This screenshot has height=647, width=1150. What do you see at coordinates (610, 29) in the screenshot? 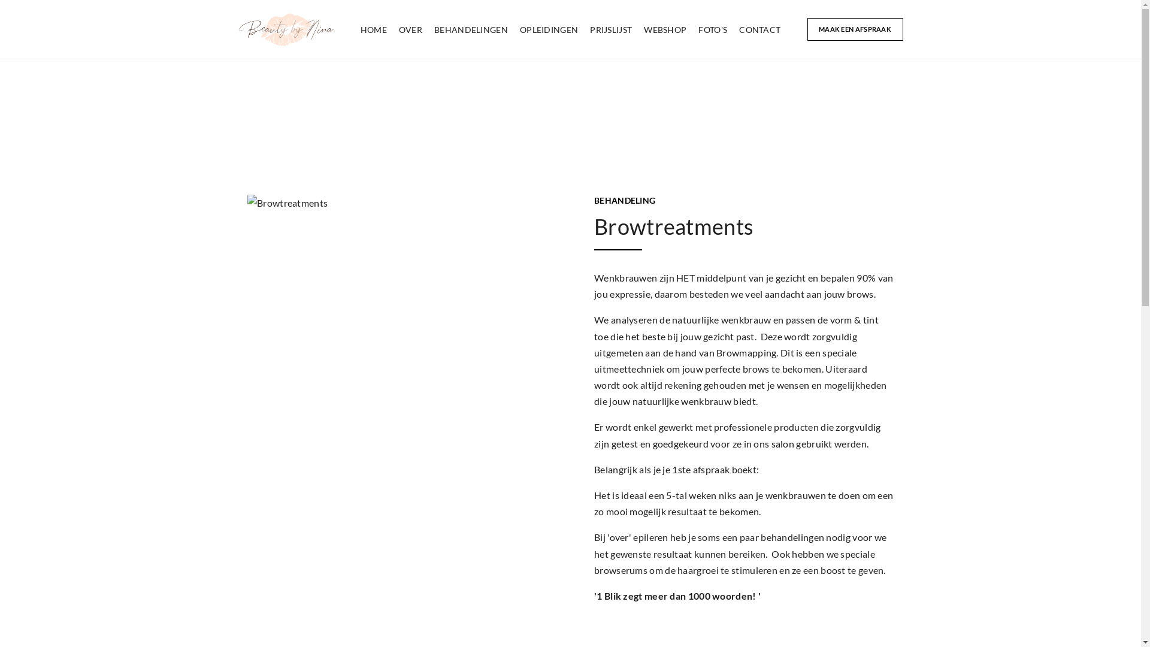
I see `'PRIJSLIJST'` at bounding box center [610, 29].